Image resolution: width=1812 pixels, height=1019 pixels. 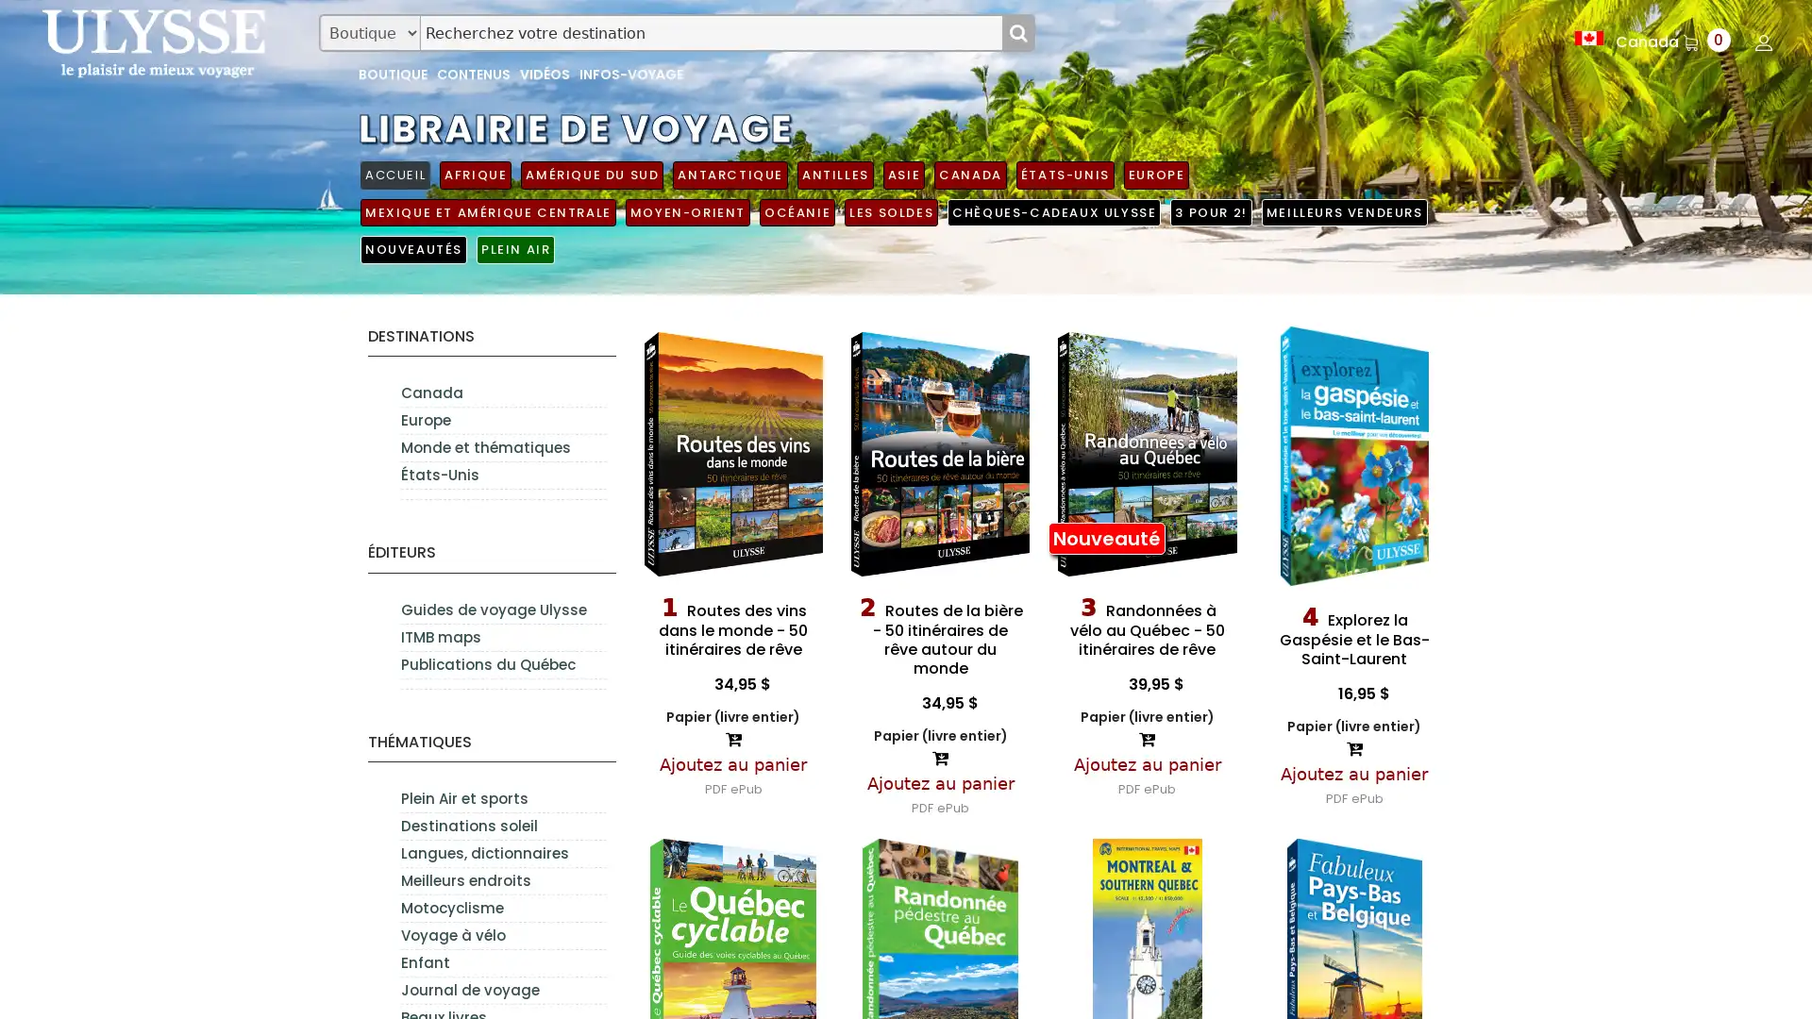 I want to click on 3 POUR 2!, so click(x=1210, y=211).